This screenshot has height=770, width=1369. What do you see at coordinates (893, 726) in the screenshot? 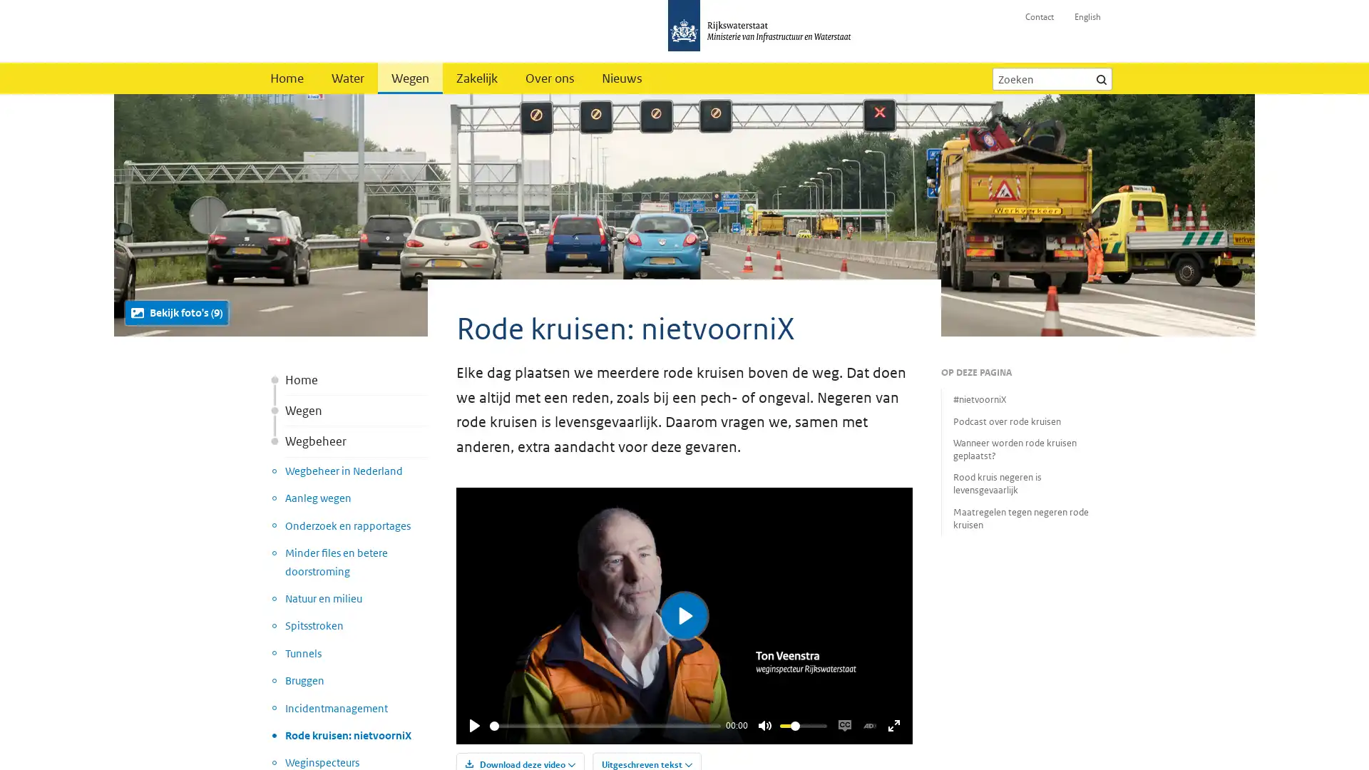
I see `Volledig scherm openen` at bounding box center [893, 726].